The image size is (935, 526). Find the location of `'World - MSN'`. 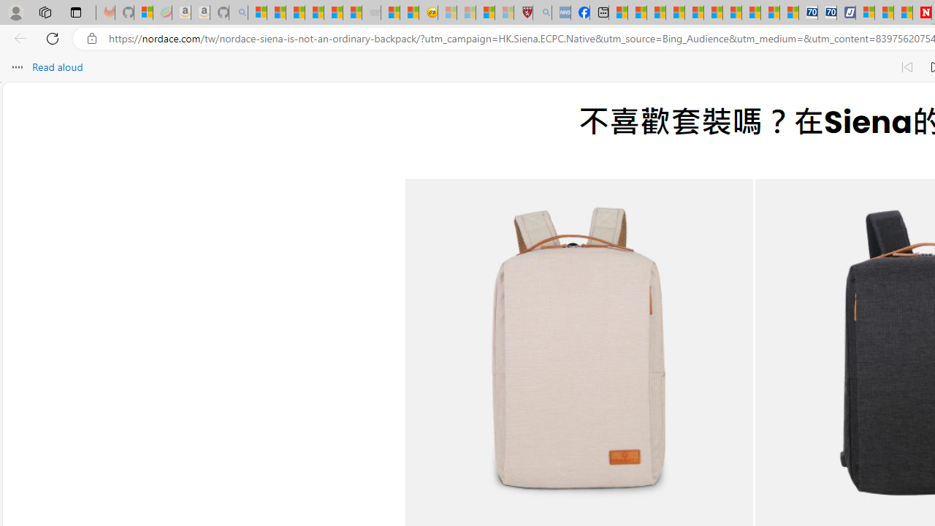

'World - MSN' is located at coordinates (655, 12).